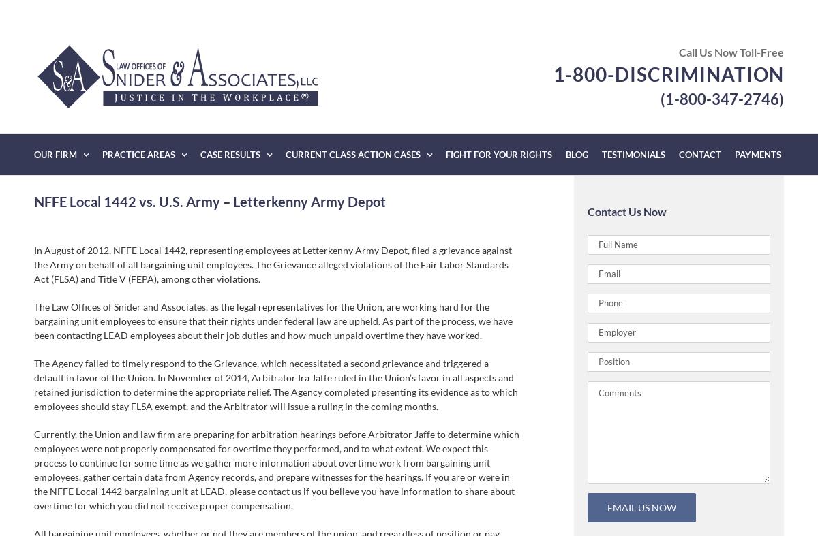 The width and height of the screenshot is (818, 536). I want to click on 'Practice Areas', so click(138, 154).